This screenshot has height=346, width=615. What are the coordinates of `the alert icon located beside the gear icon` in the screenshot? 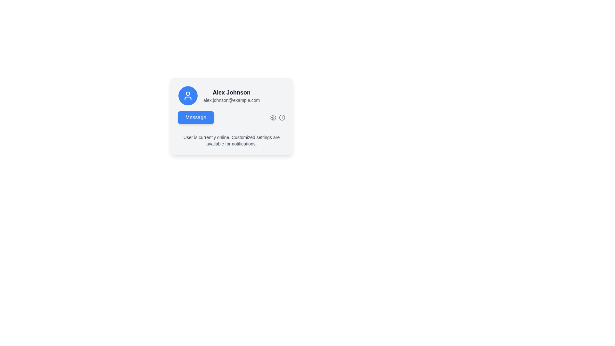 It's located at (282, 117).